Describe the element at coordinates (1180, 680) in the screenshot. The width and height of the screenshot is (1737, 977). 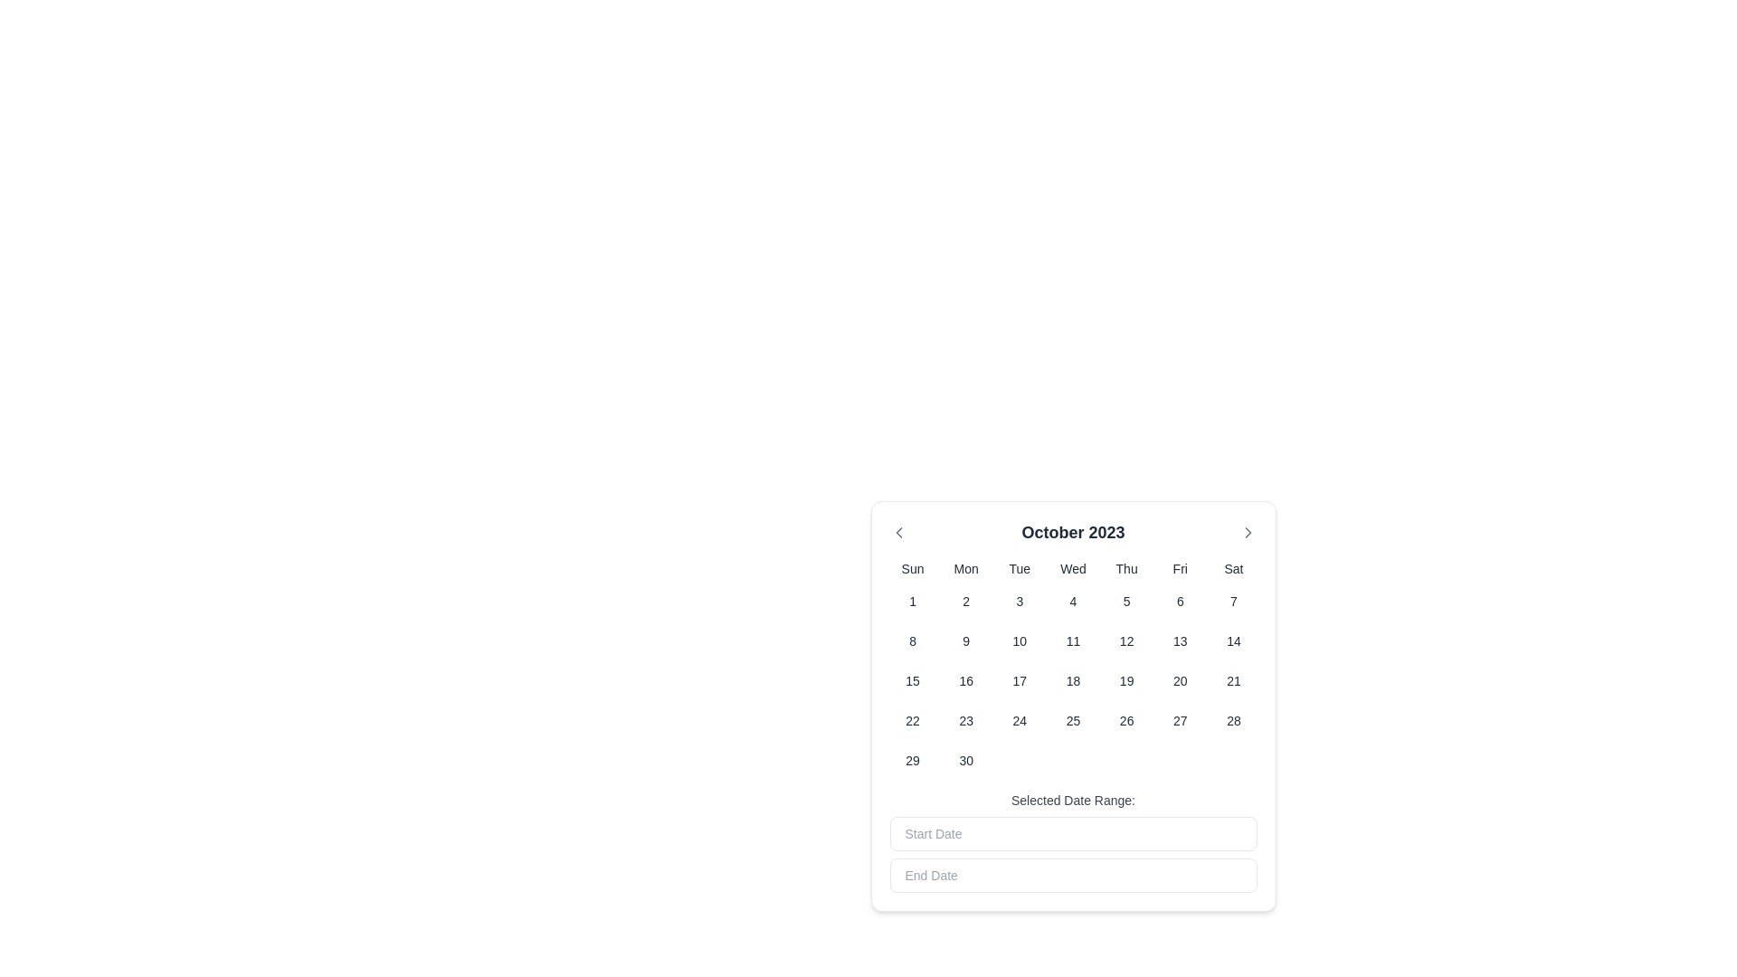
I see `the button in the calendar interface` at that location.